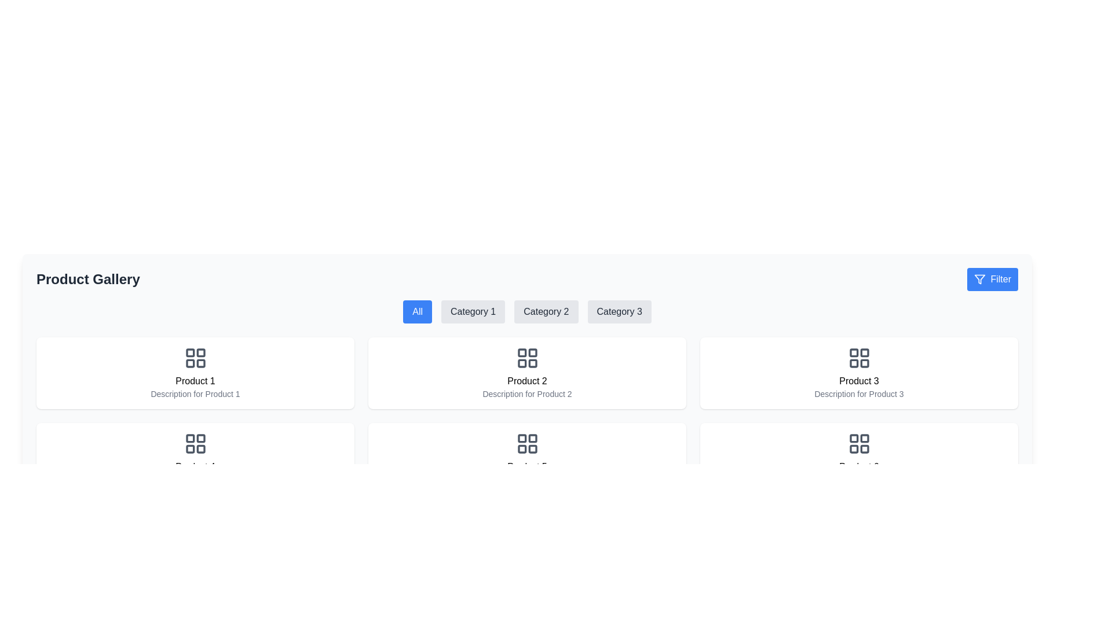 Image resolution: width=1112 pixels, height=625 pixels. Describe the element at coordinates (526, 373) in the screenshot. I see `the Card Component displaying information about 'Product 2', which is the second card in the first row of a grid layout` at that location.